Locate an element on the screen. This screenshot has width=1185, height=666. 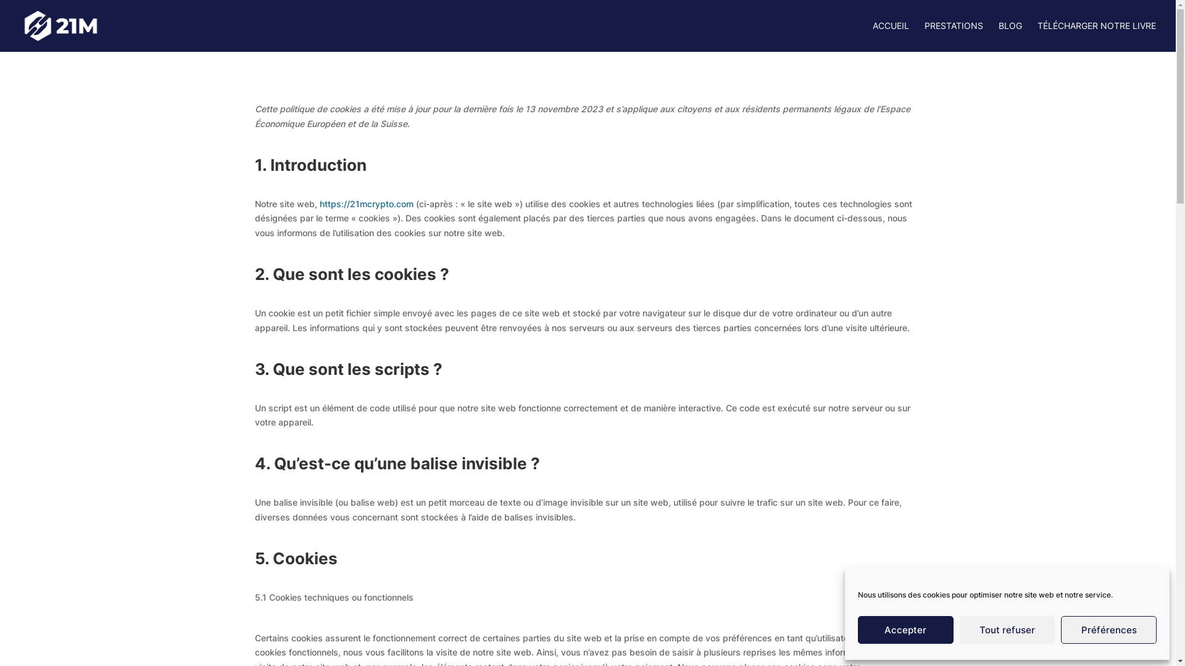
'PRESTATIONS' is located at coordinates (953, 36).